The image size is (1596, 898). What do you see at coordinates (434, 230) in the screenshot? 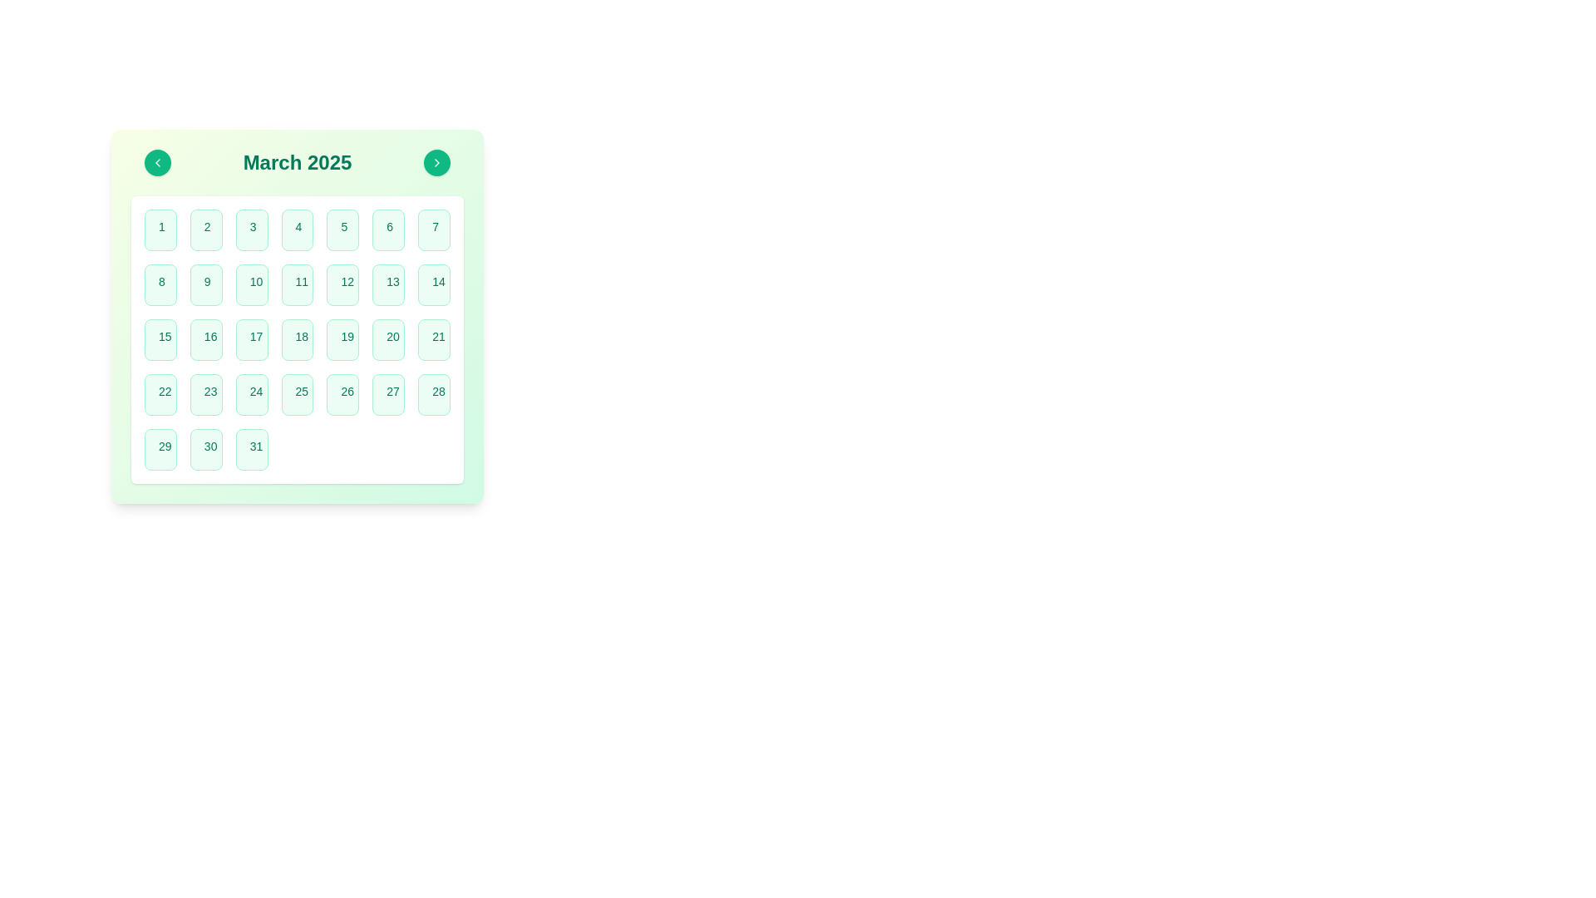
I see `the Calendar Day Cell representing the 7th day of the month, which is styled with a light green background and contains the number '7' in dark green font` at bounding box center [434, 230].